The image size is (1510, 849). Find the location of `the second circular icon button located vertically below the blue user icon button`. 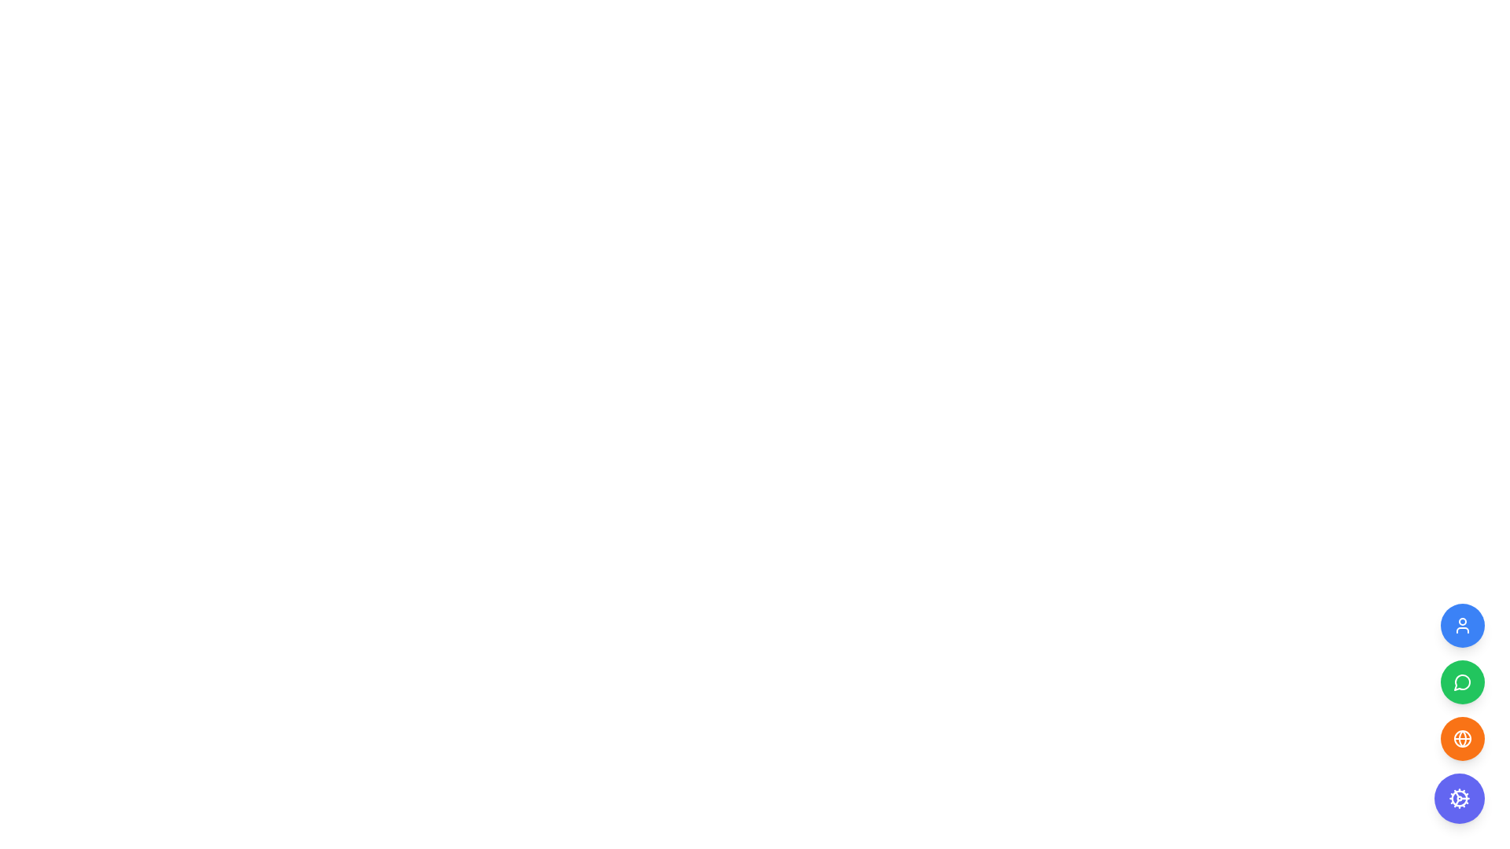

the second circular icon button located vertically below the blue user icon button is located at coordinates (1462, 681).